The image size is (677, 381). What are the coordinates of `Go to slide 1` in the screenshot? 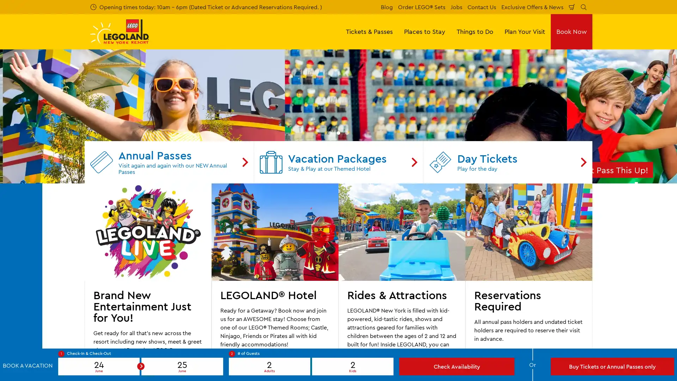 It's located at (330, 273).